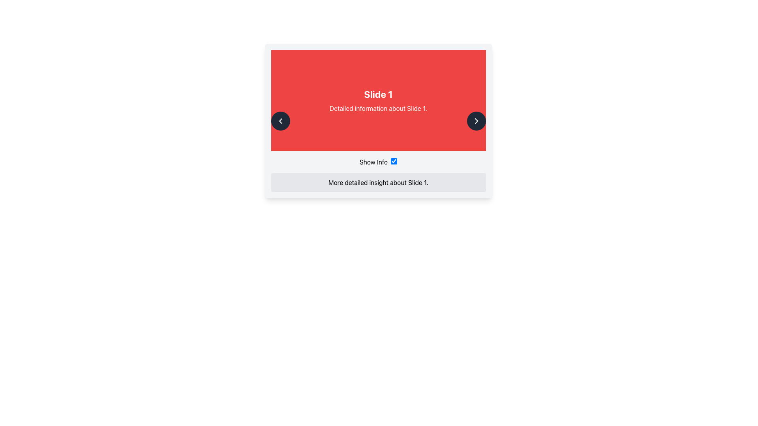 The image size is (758, 426). What do you see at coordinates (280, 121) in the screenshot?
I see `the left-facing chevron icon, which is white and outlined, located inside a circular button on the left side of the red banner labeled 'Slide 1'` at bounding box center [280, 121].